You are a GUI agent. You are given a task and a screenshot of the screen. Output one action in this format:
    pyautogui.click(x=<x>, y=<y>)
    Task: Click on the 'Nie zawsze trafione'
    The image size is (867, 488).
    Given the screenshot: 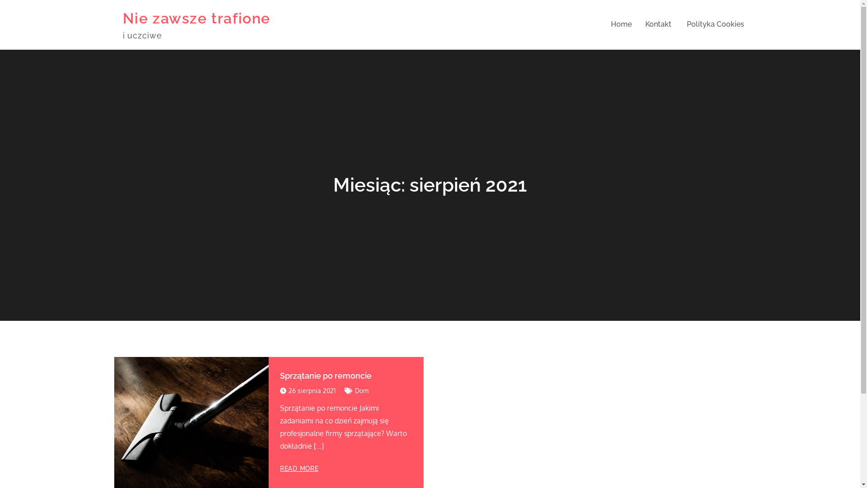 What is the action you would take?
    pyautogui.click(x=196, y=18)
    